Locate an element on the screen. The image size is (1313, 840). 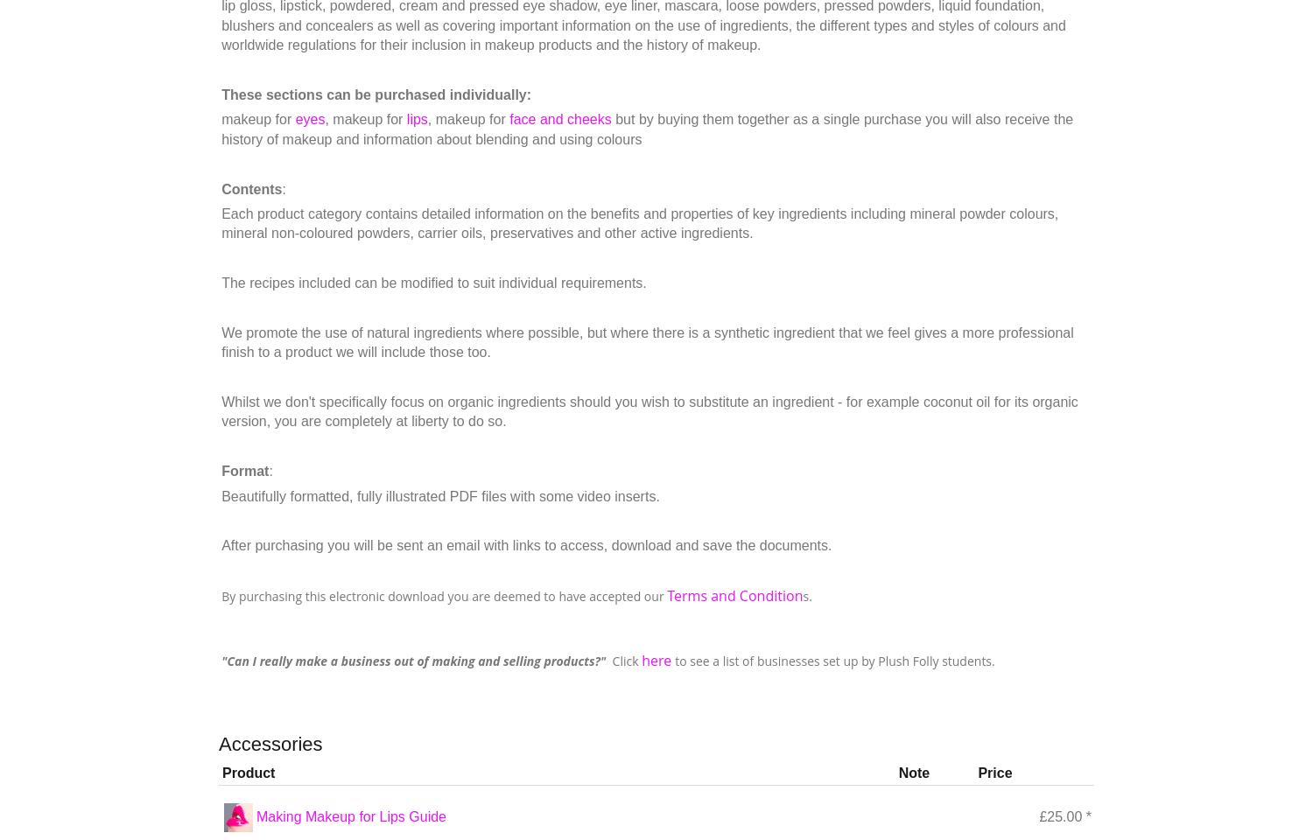
'Beautifully formatted, fully illustrated PDF files with some video inserts.' is located at coordinates (439, 495).